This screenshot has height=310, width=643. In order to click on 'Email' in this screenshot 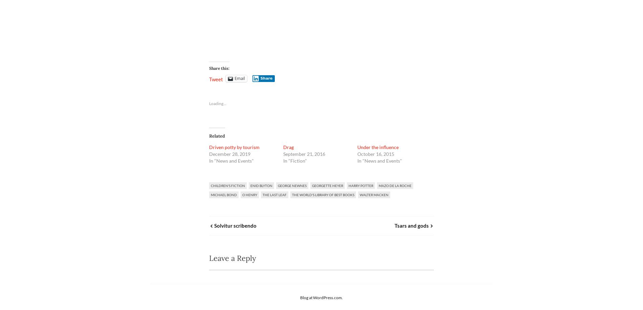, I will do `click(234, 78)`.